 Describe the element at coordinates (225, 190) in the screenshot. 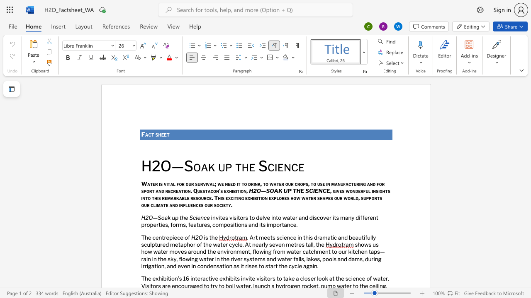

I see `the 10th character "e" in the text` at that location.